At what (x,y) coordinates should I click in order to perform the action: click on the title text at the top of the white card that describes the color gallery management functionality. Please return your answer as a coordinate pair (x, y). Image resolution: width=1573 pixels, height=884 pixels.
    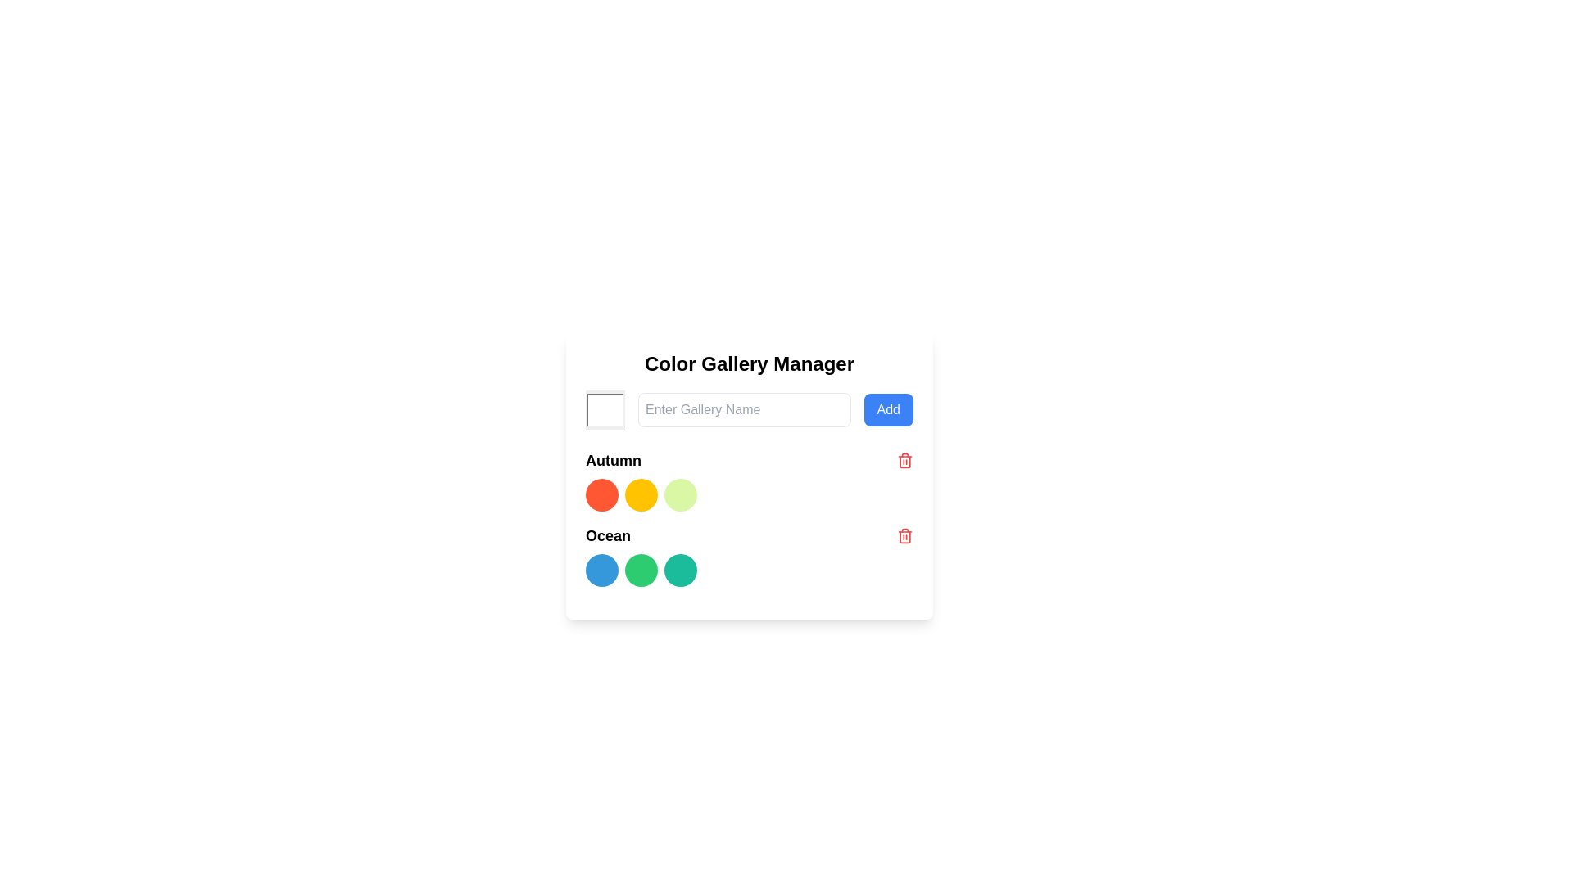
    Looking at the image, I should click on (749, 363).